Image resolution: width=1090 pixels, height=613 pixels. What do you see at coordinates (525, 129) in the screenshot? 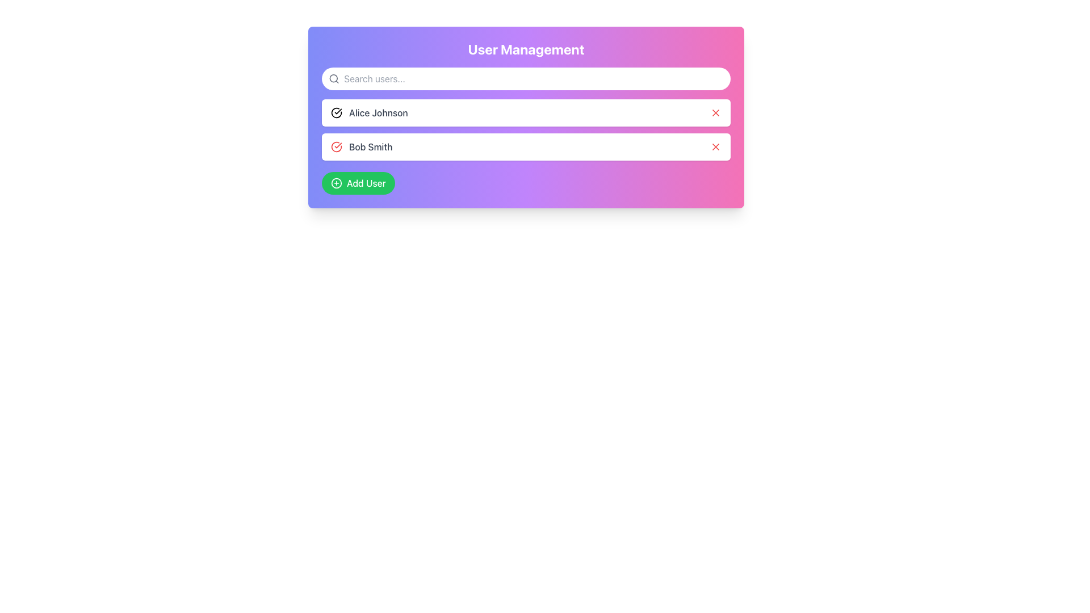
I see `the text label of the user entries in the management interface to read details` at bounding box center [525, 129].